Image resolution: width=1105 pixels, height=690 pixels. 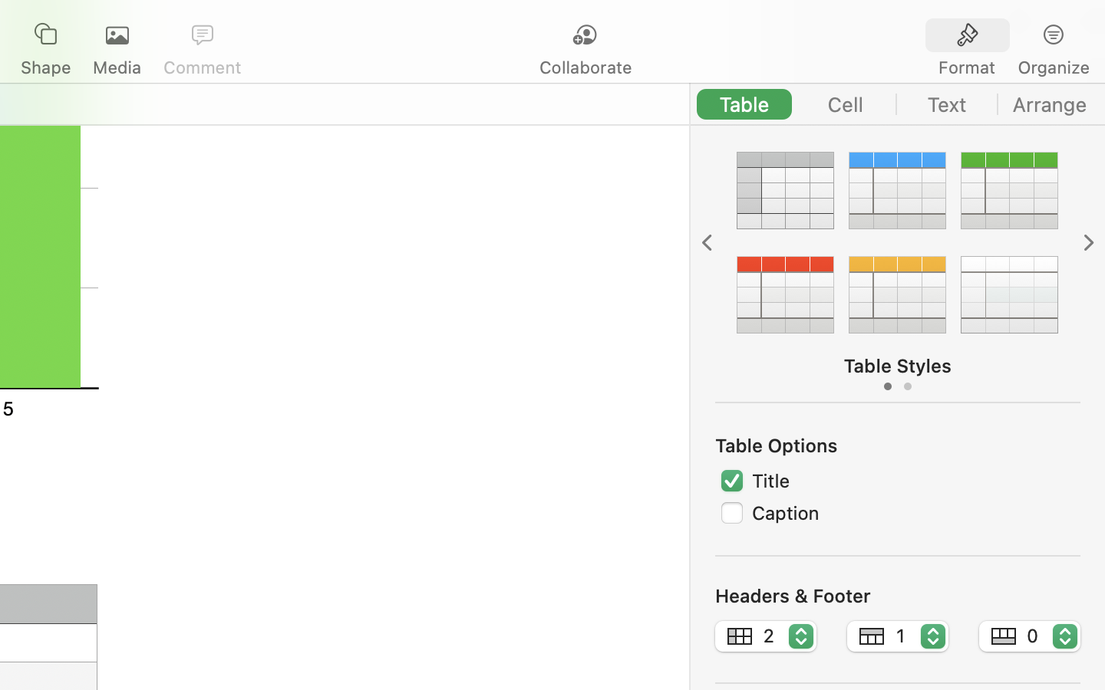 I want to click on 'Organize', so click(x=1052, y=67).